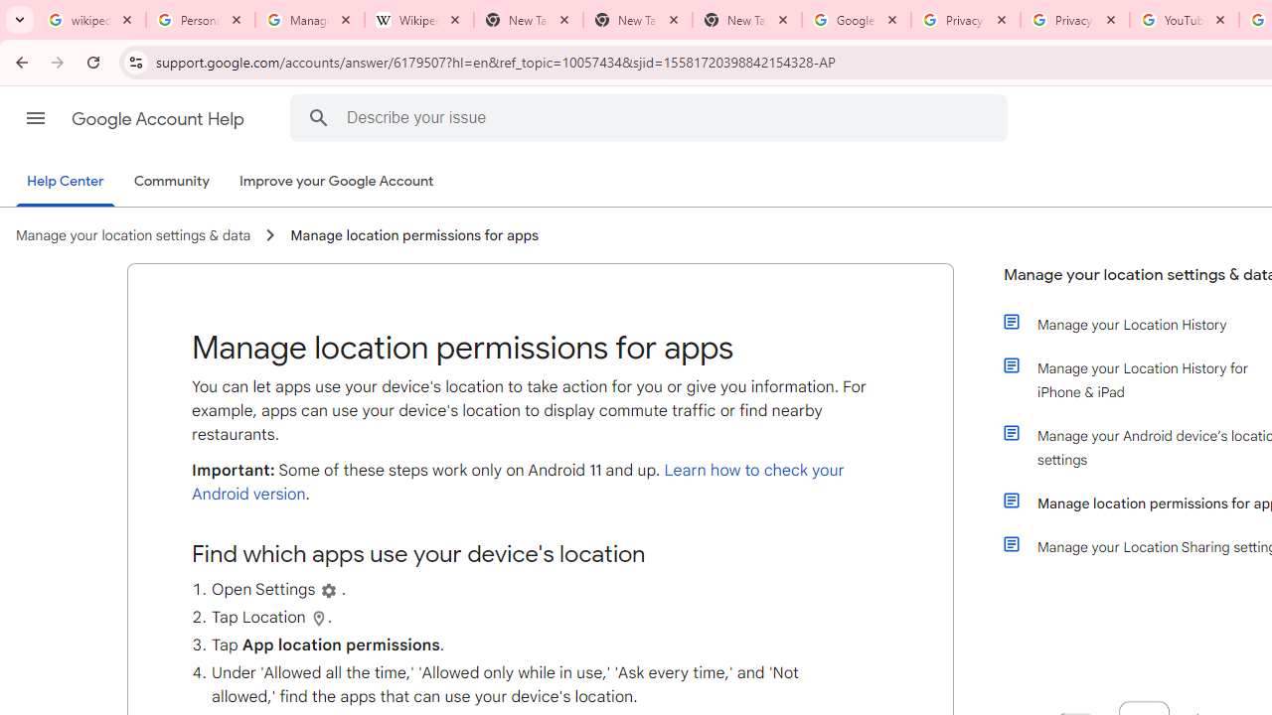  What do you see at coordinates (652, 117) in the screenshot?
I see `'Describe your issue'` at bounding box center [652, 117].